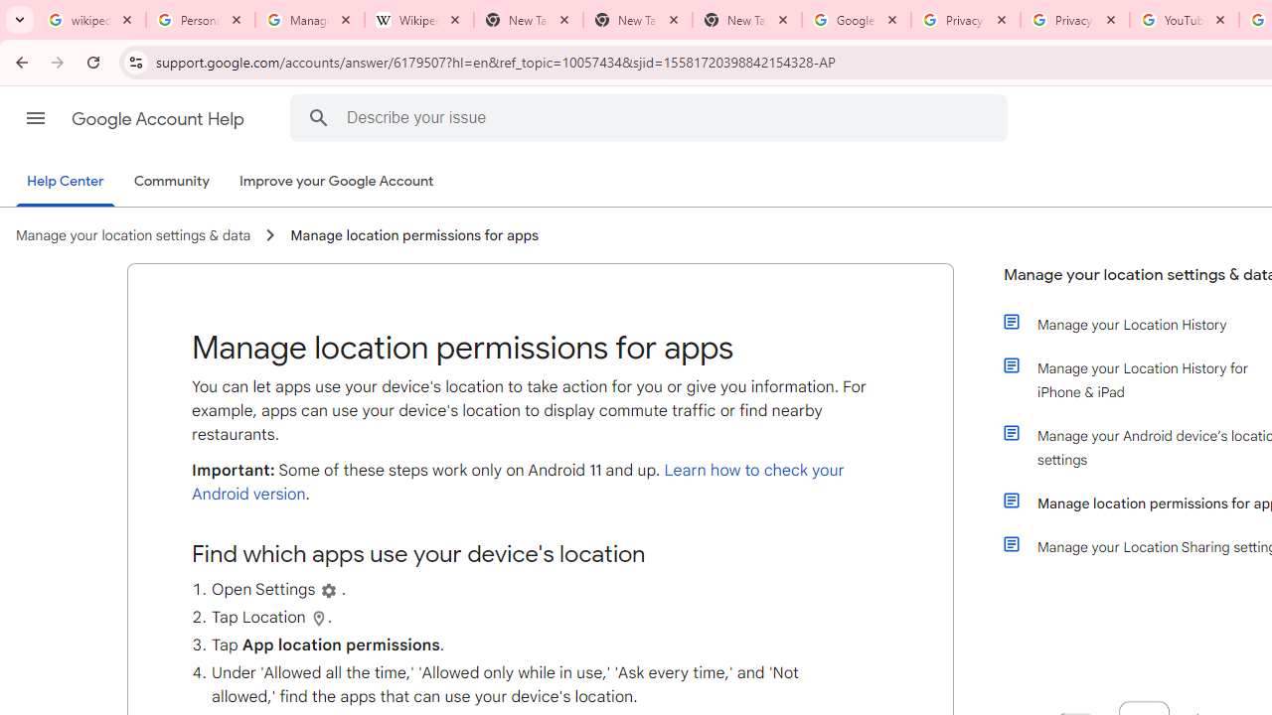  What do you see at coordinates (652, 117) in the screenshot?
I see `'Describe your issue'` at bounding box center [652, 117].